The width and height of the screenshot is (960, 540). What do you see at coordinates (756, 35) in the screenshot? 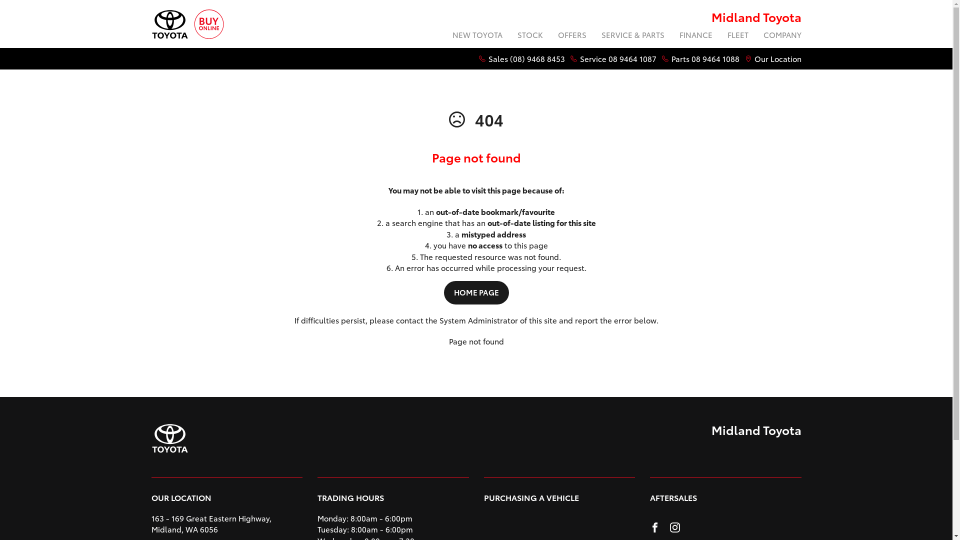
I see `'COMPANY'` at bounding box center [756, 35].